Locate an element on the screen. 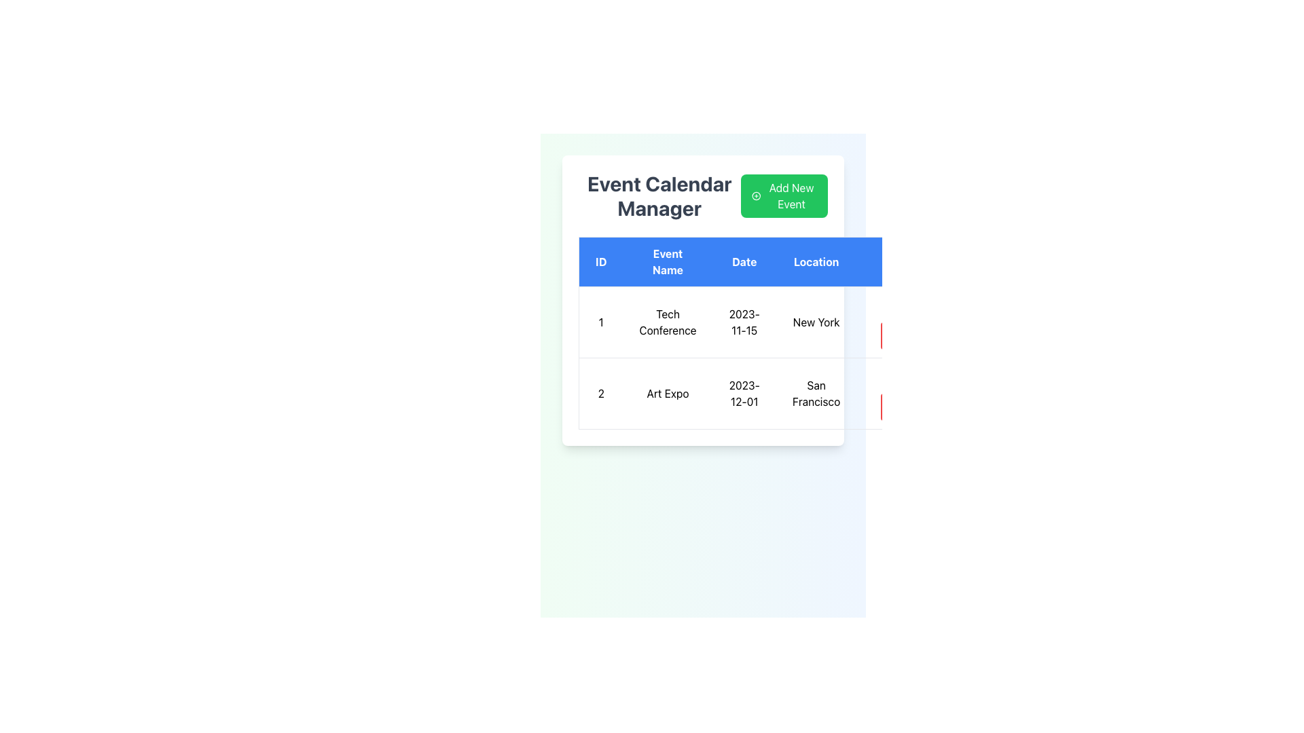 This screenshot has width=1304, height=733. Table Header Cell that indicates the column for dates, located between 'Event Name' and 'Location' in the header row of the table is located at coordinates (744, 261).